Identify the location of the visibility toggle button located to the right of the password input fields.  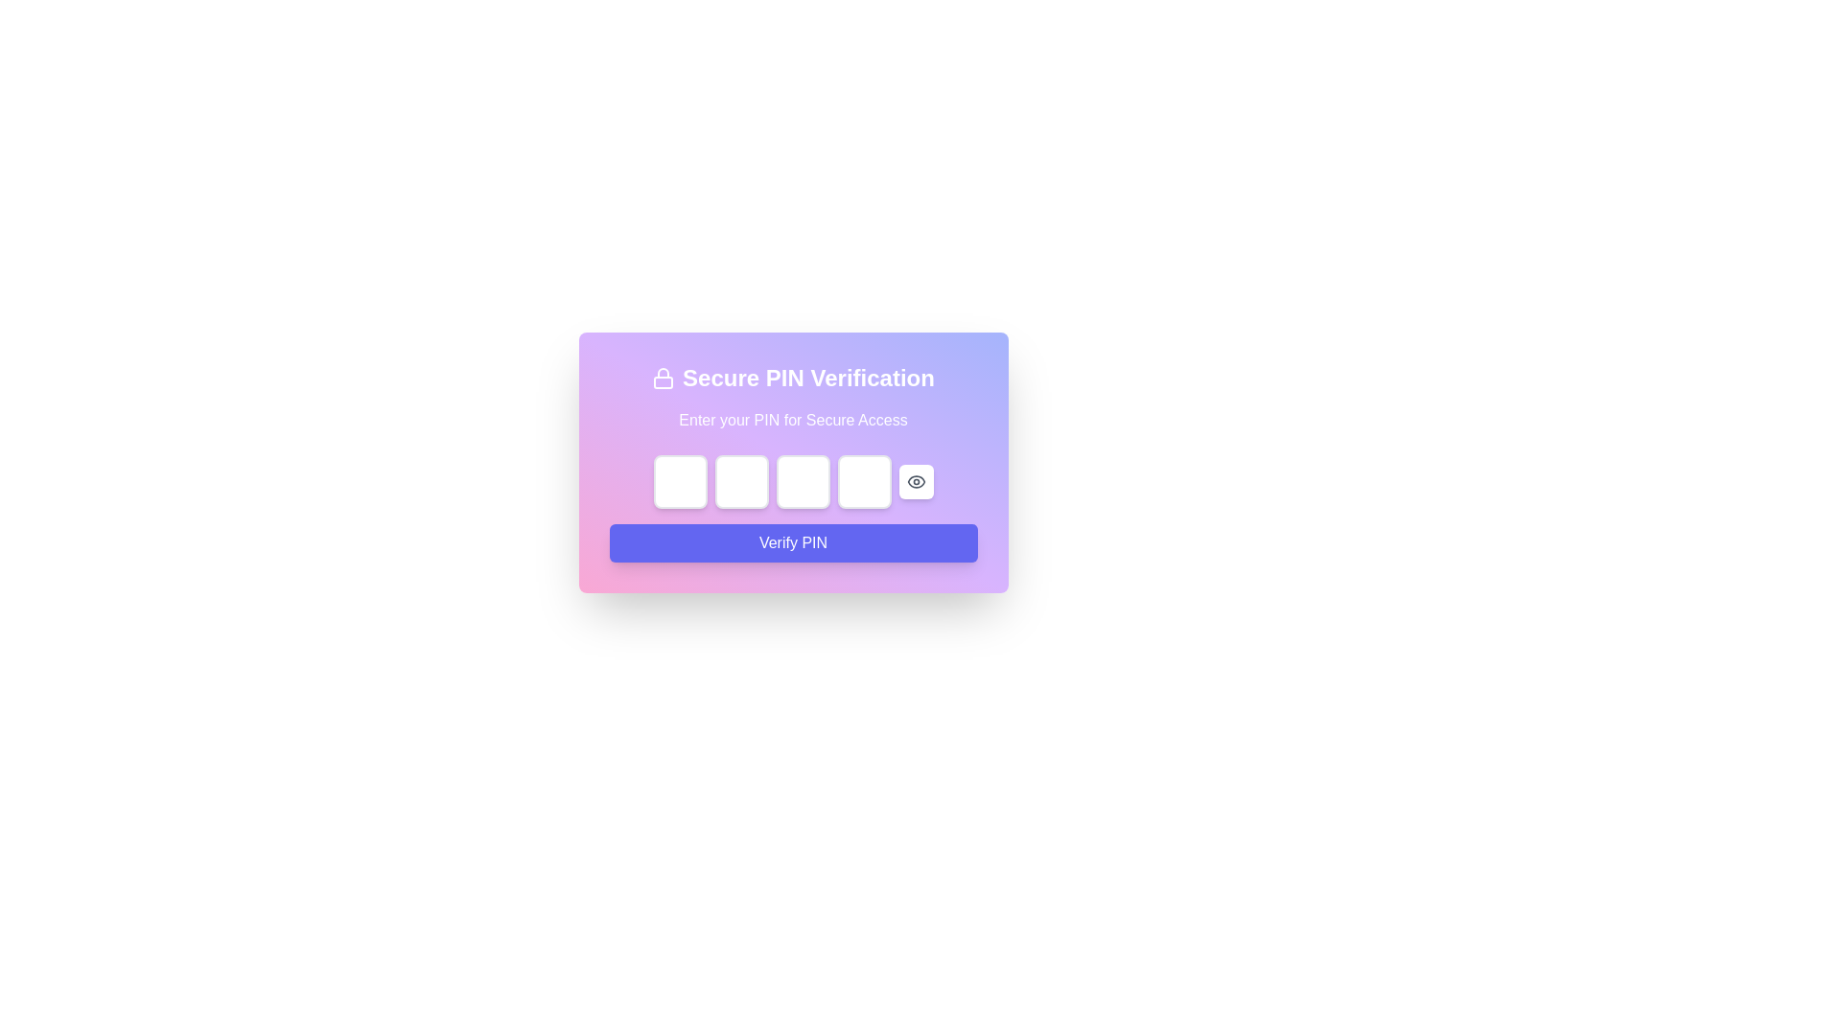
(915, 480).